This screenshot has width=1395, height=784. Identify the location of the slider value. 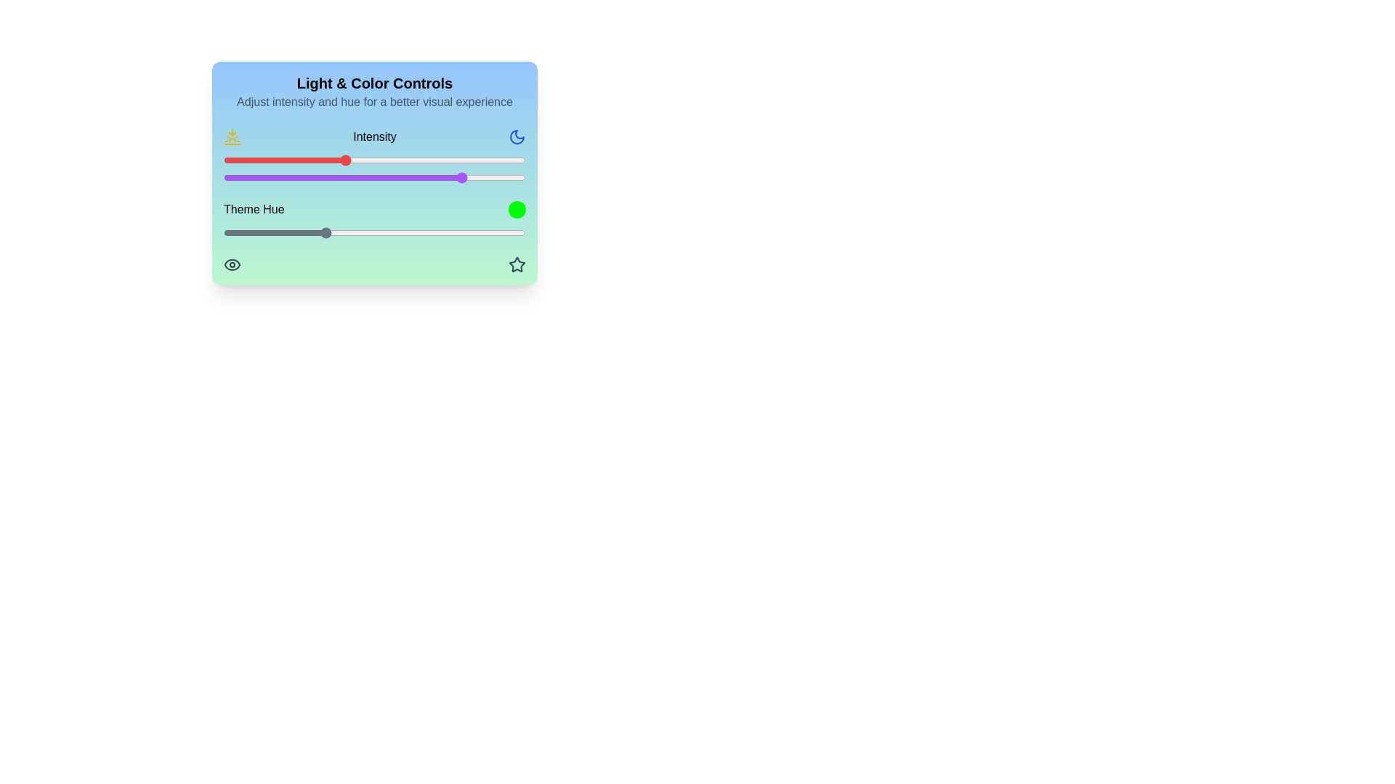
(313, 177).